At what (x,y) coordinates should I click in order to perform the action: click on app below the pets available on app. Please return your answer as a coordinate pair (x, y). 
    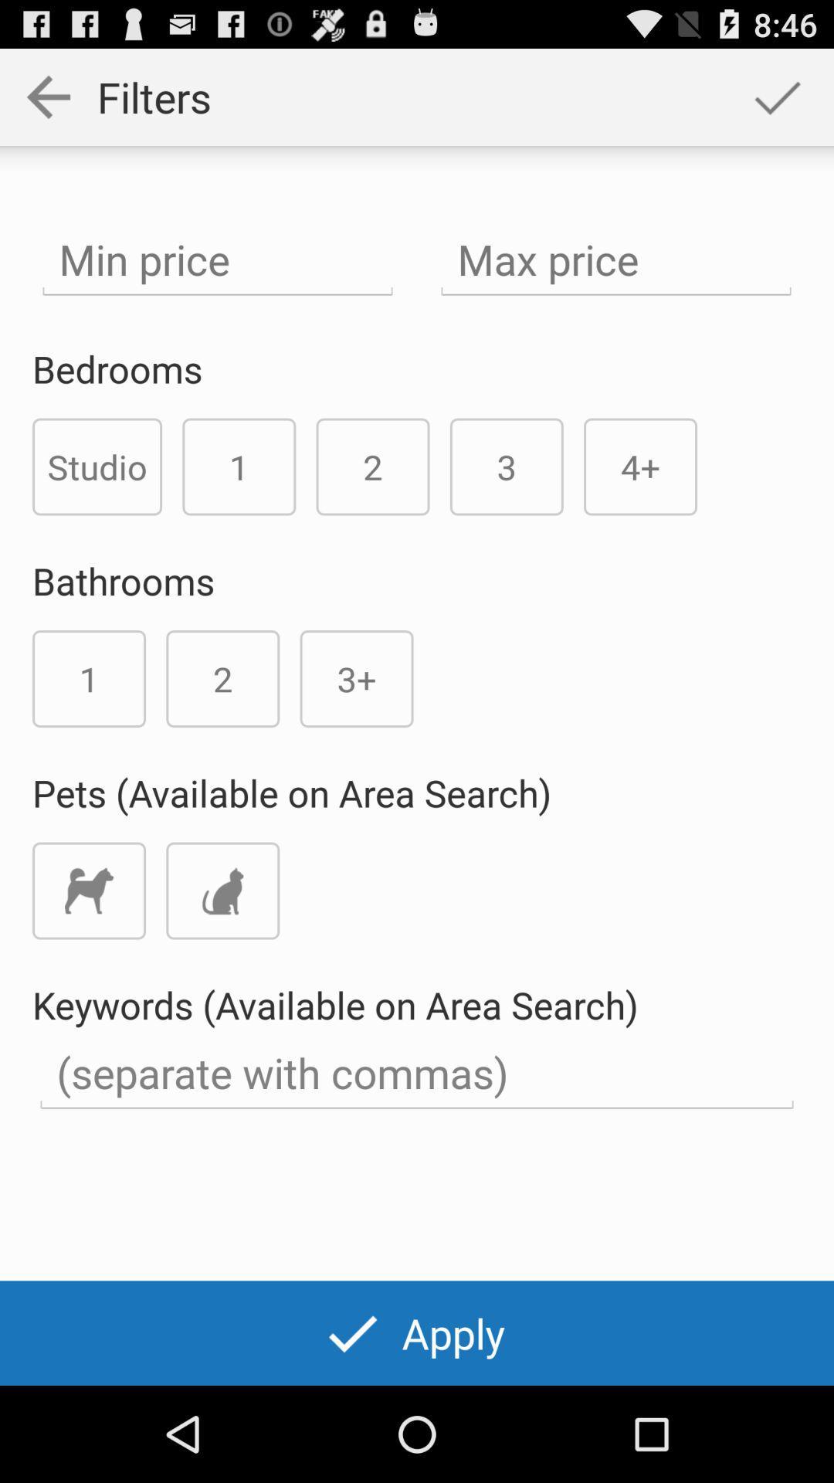
    Looking at the image, I should click on (89, 891).